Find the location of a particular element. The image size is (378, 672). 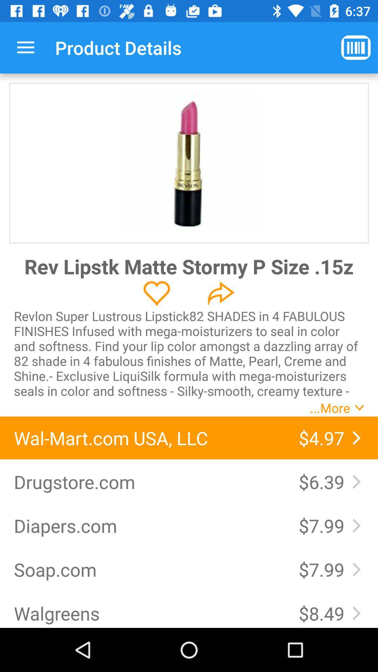

the favorite icon is located at coordinates (156, 293).